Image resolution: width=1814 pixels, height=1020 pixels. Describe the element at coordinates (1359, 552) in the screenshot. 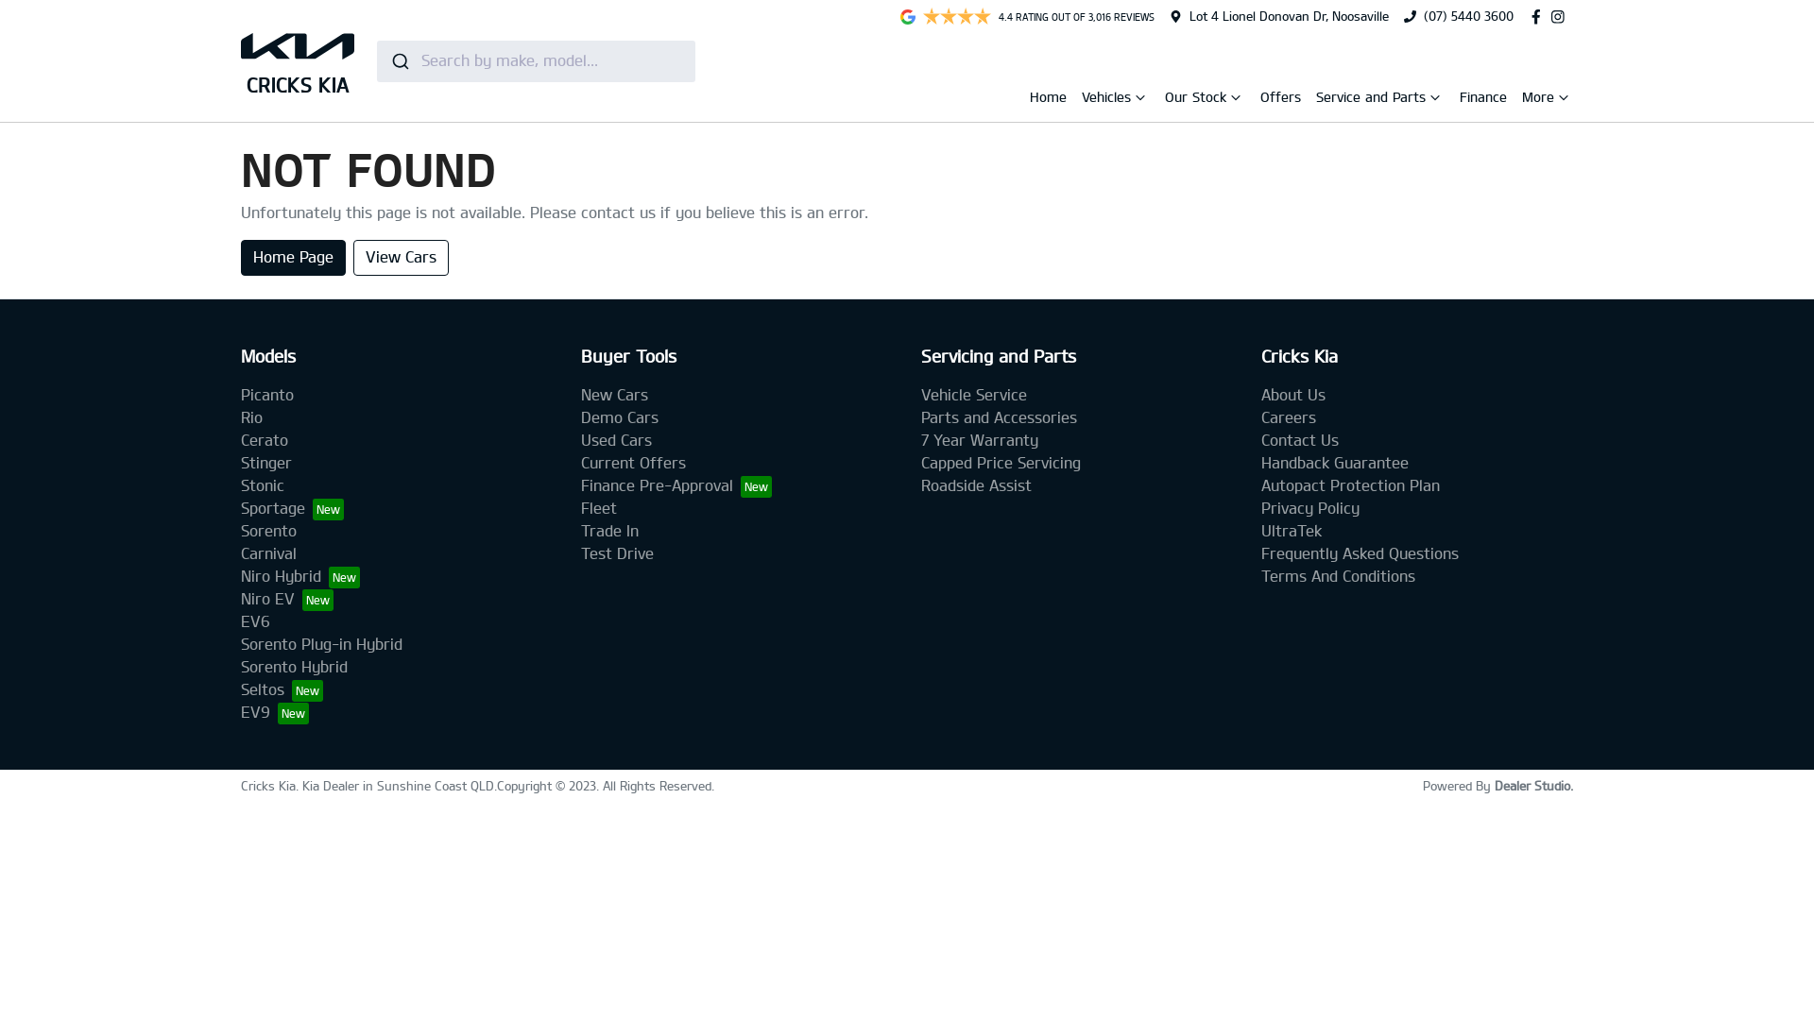

I see `'Frequently Asked Questions'` at that location.